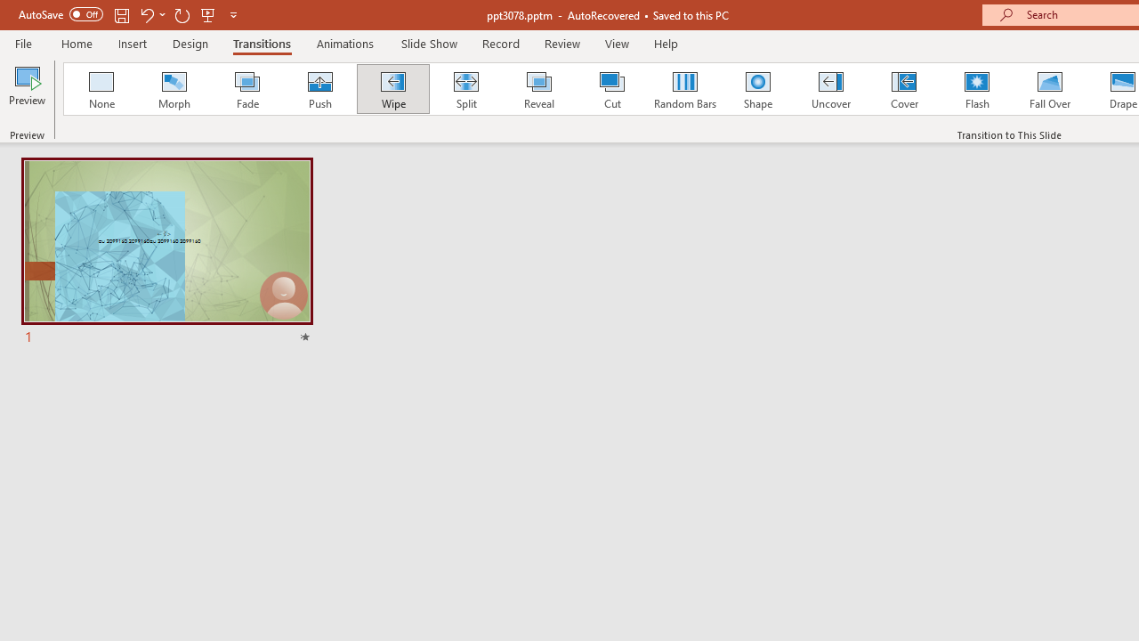 Image resolution: width=1139 pixels, height=641 pixels. Describe the element at coordinates (246, 89) in the screenshot. I see `'Fade'` at that location.